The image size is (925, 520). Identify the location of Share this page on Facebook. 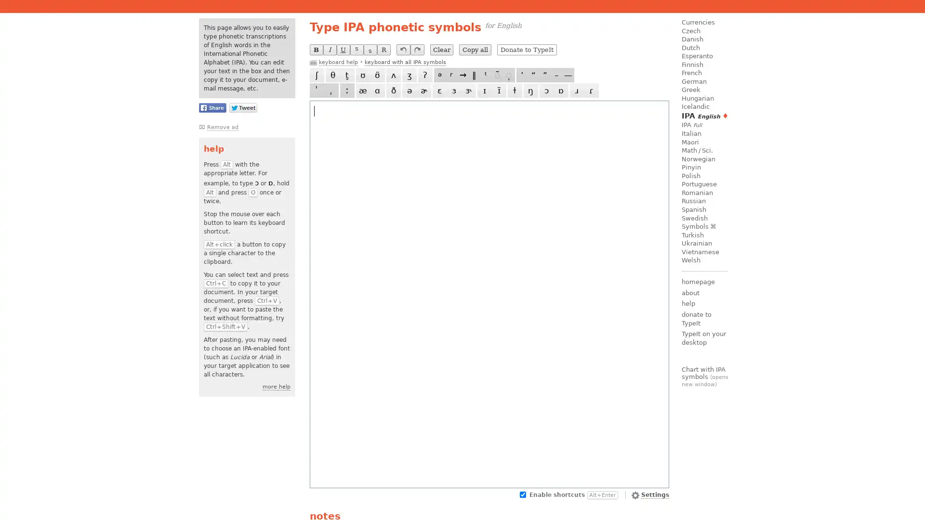
(211, 107).